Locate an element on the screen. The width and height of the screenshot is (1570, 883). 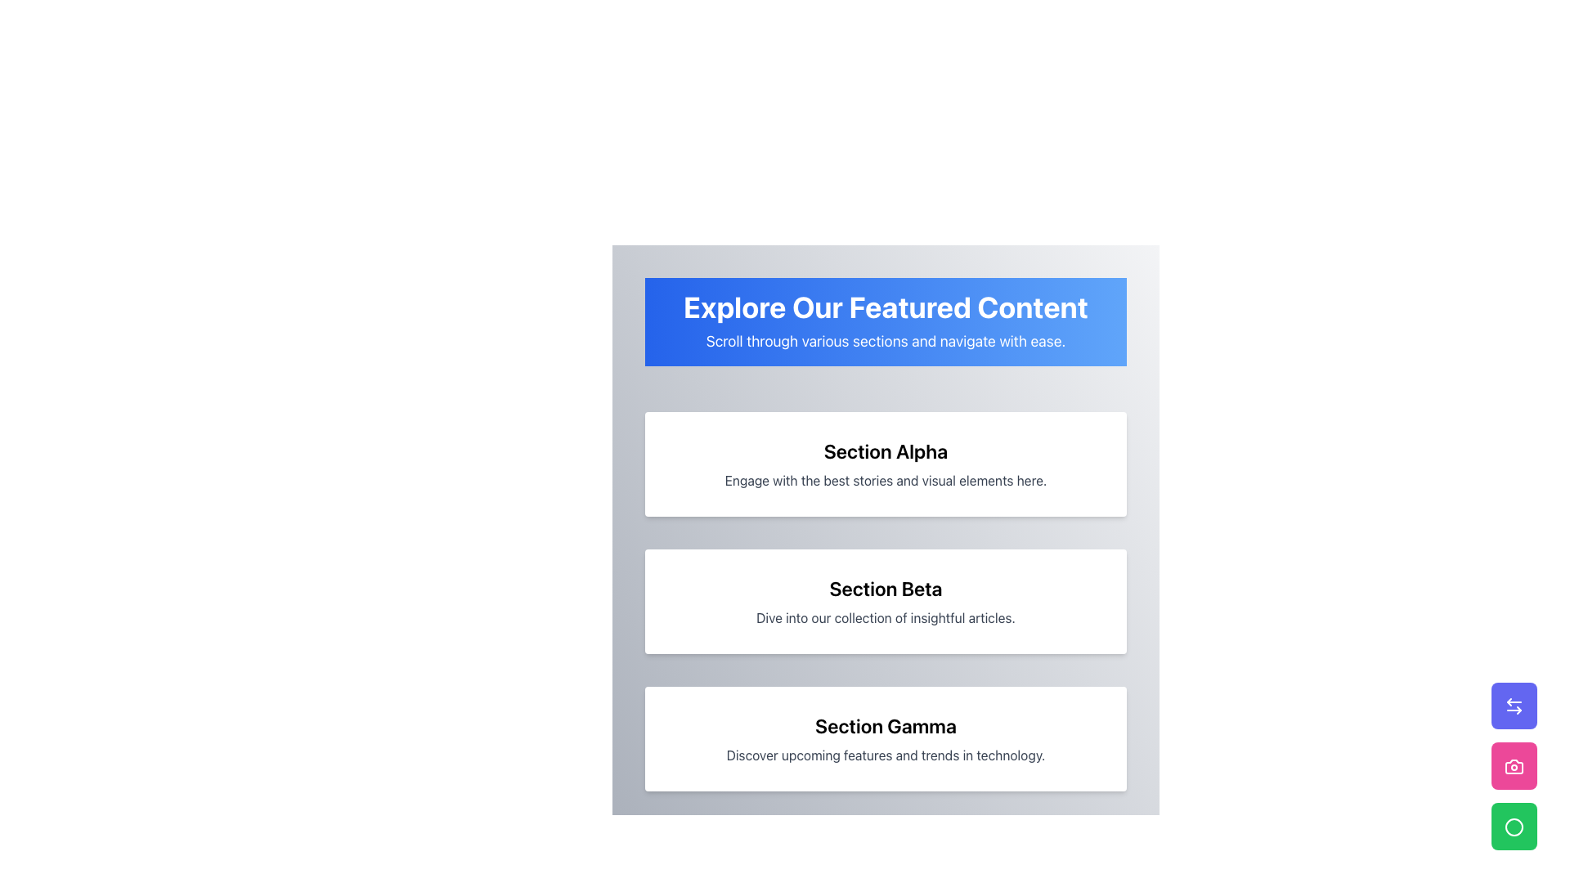
text from the Text Block titled 'Section Beta' which contains the subtitle 'Dive into our collection of insightful articles.' is located at coordinates (885, 602).